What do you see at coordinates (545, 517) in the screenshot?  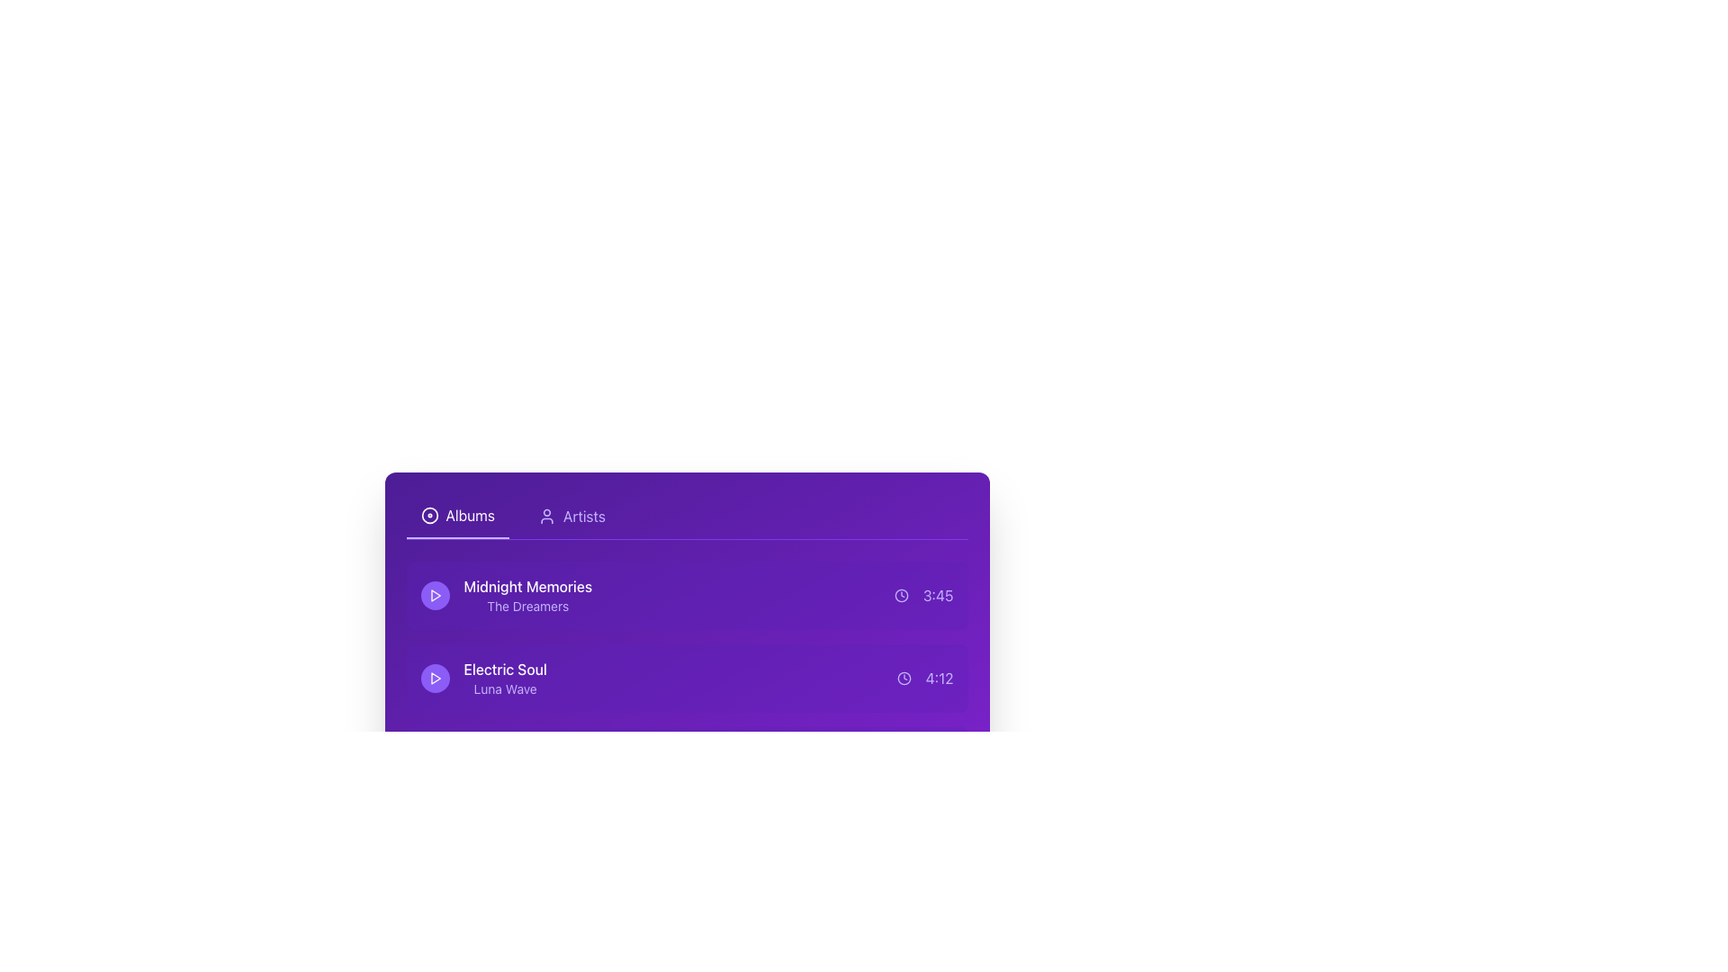 I see `the 'Artists' icon in the navigation bar` at bounding box center [545, 517].